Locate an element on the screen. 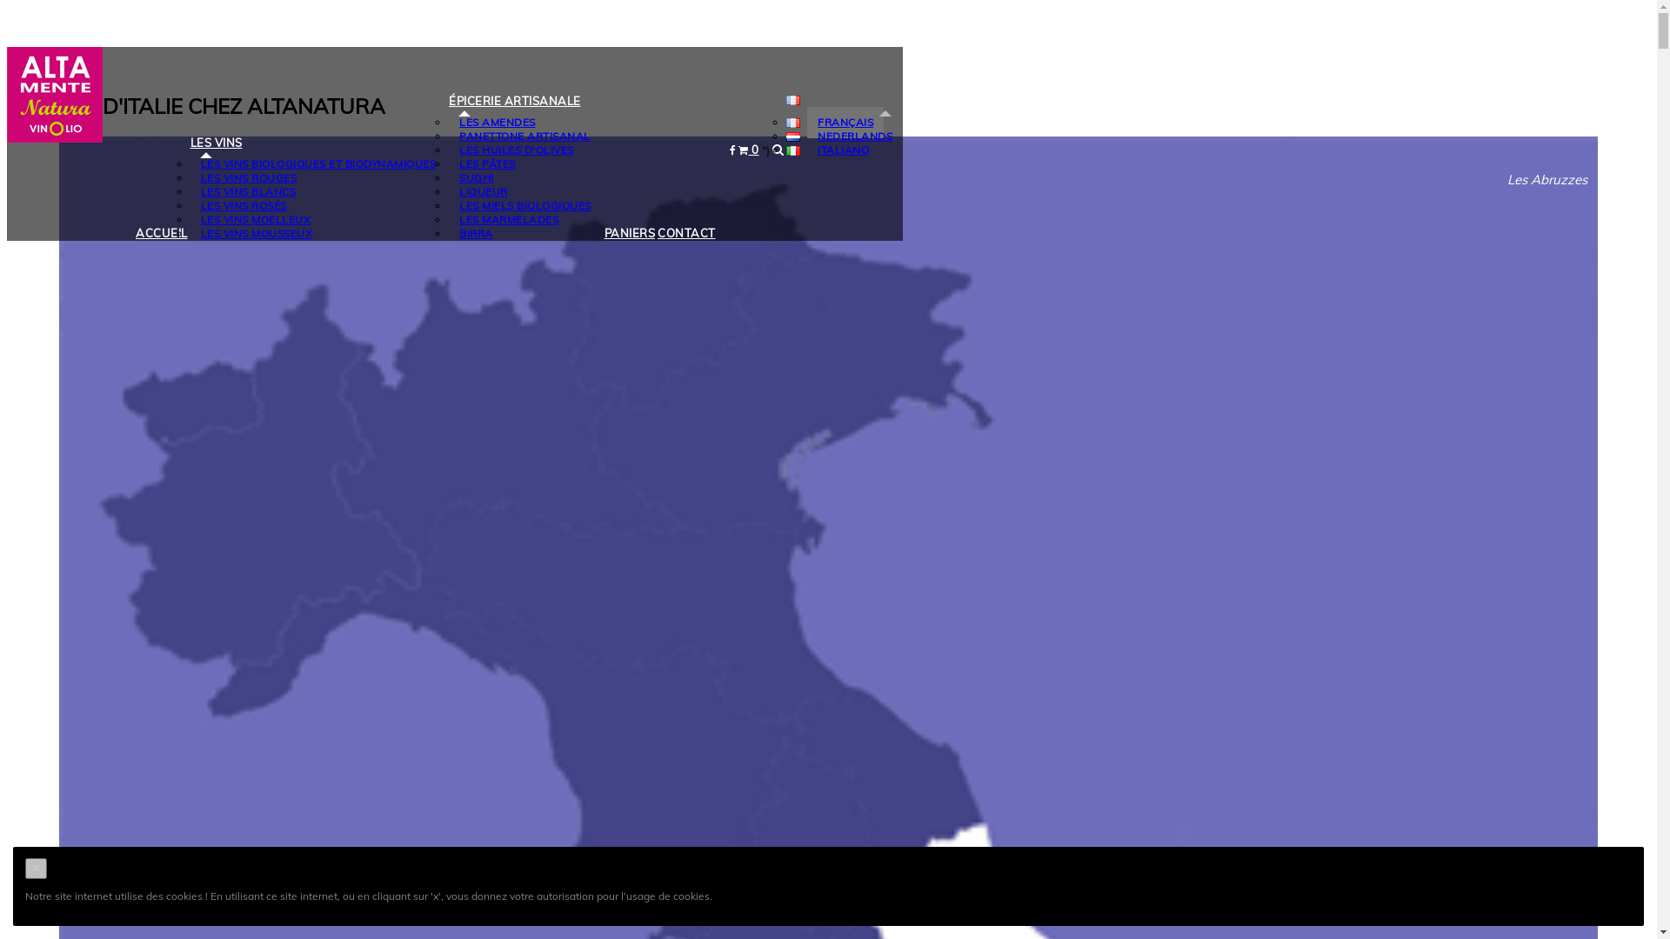 This screenshot has height=939, width=1670. 'CONTACT' is located at coordinates (685, 231).